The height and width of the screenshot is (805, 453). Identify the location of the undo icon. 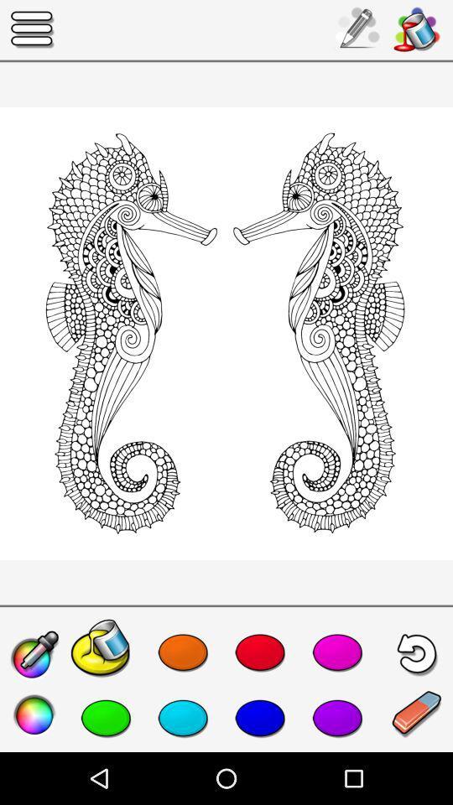
(416, 653).